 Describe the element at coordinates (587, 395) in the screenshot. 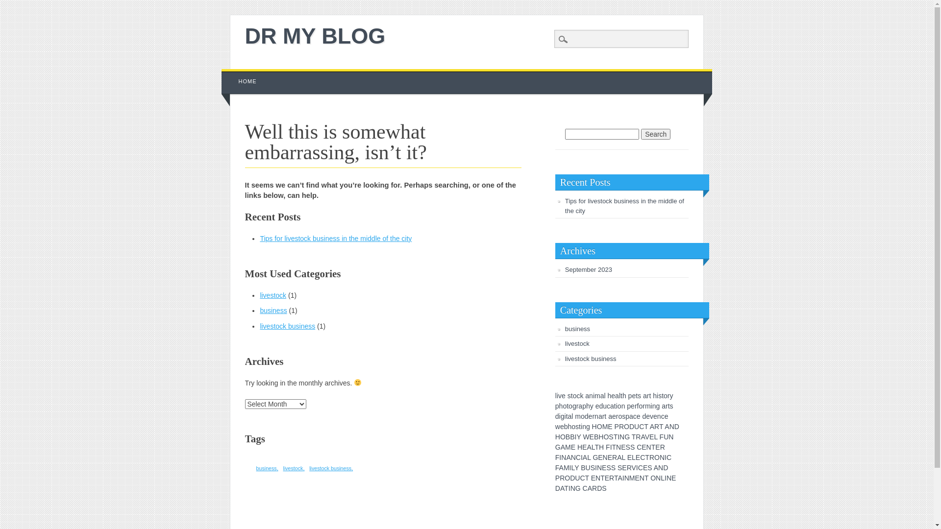

I see `'a'` at that location.